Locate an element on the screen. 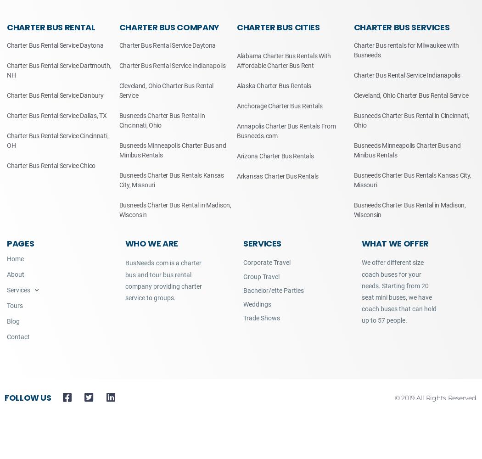  'Charter Bus Cities' is located at coordinates (278, 27).